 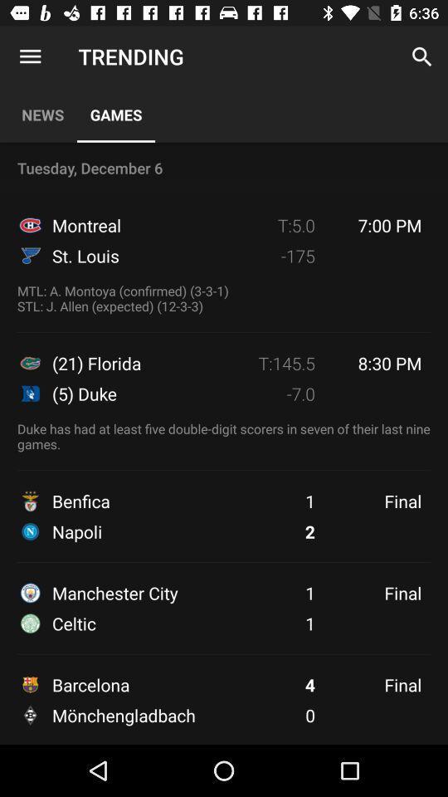 I want to click on the icon above the tuesday, december 6 icon, so click(x=42, y=114).